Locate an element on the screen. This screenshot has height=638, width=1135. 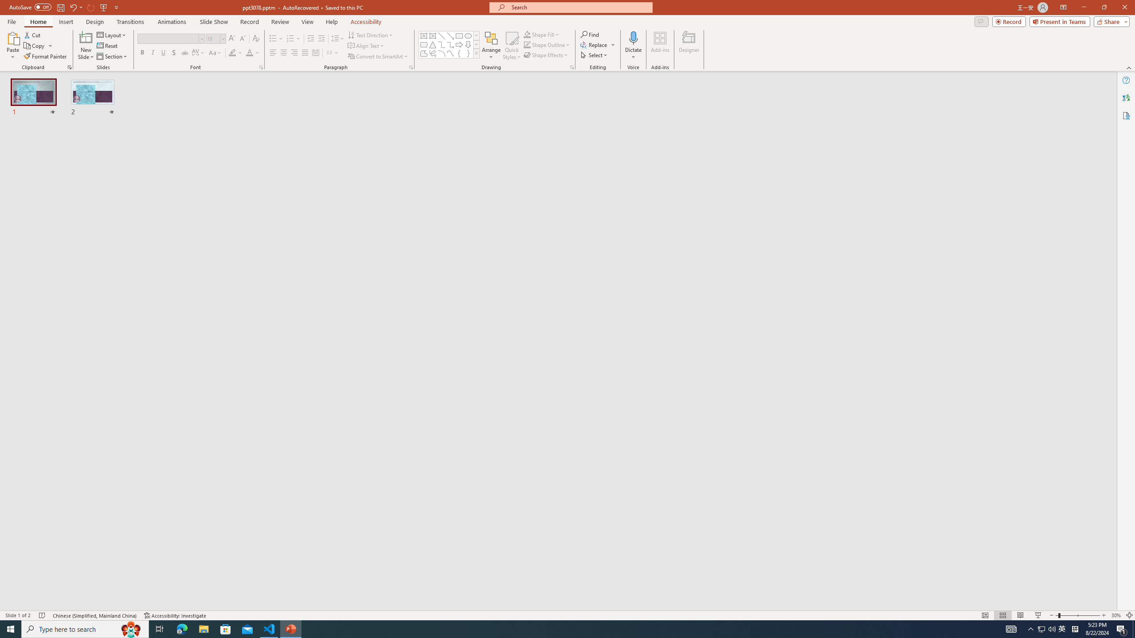
'Bold' is located at coordinates (142, 52).